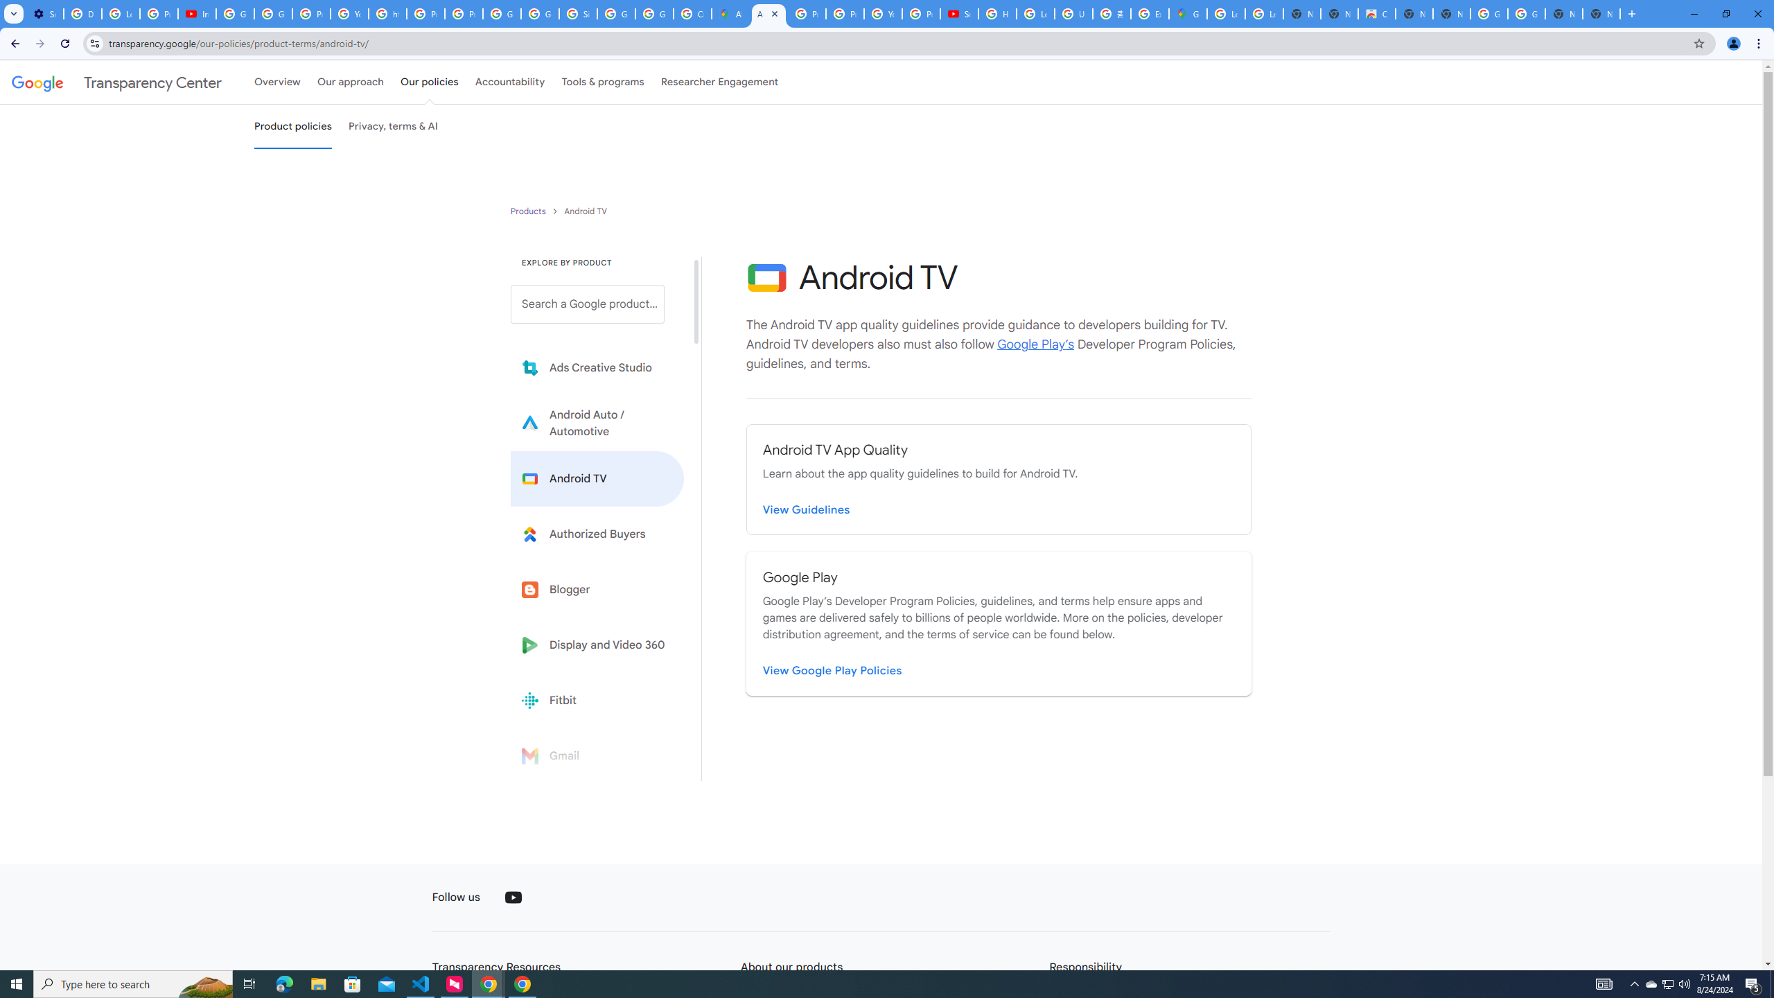 The width and height of the screenshot is (1774, 998). I want to click on 'Learn more about Android Auto', so click(597, 423).